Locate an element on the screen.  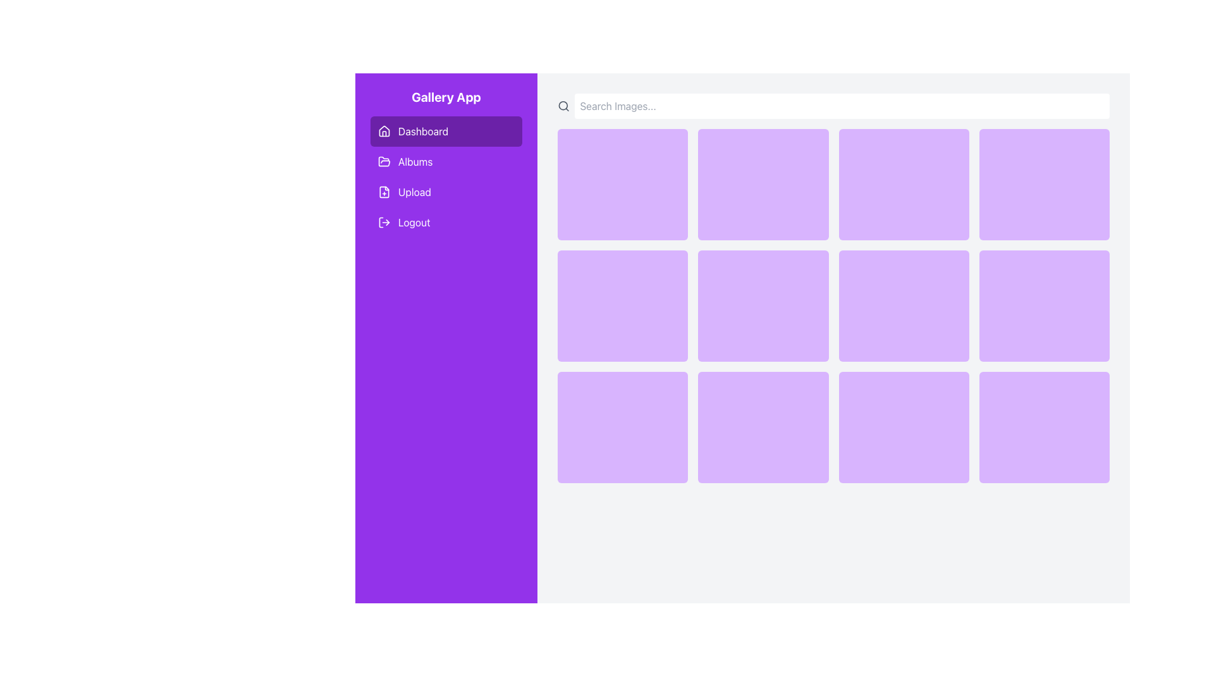
the 'Dashboard' navigation button located in the purple sidebar on the left, which is the first item above the 'Albums' button is located at coordinates (446, 132).